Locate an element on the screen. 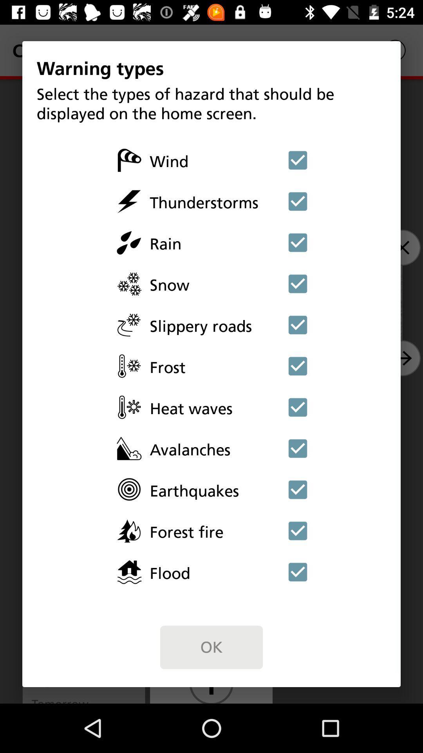  avalanches is located at coordinates (298, 448).